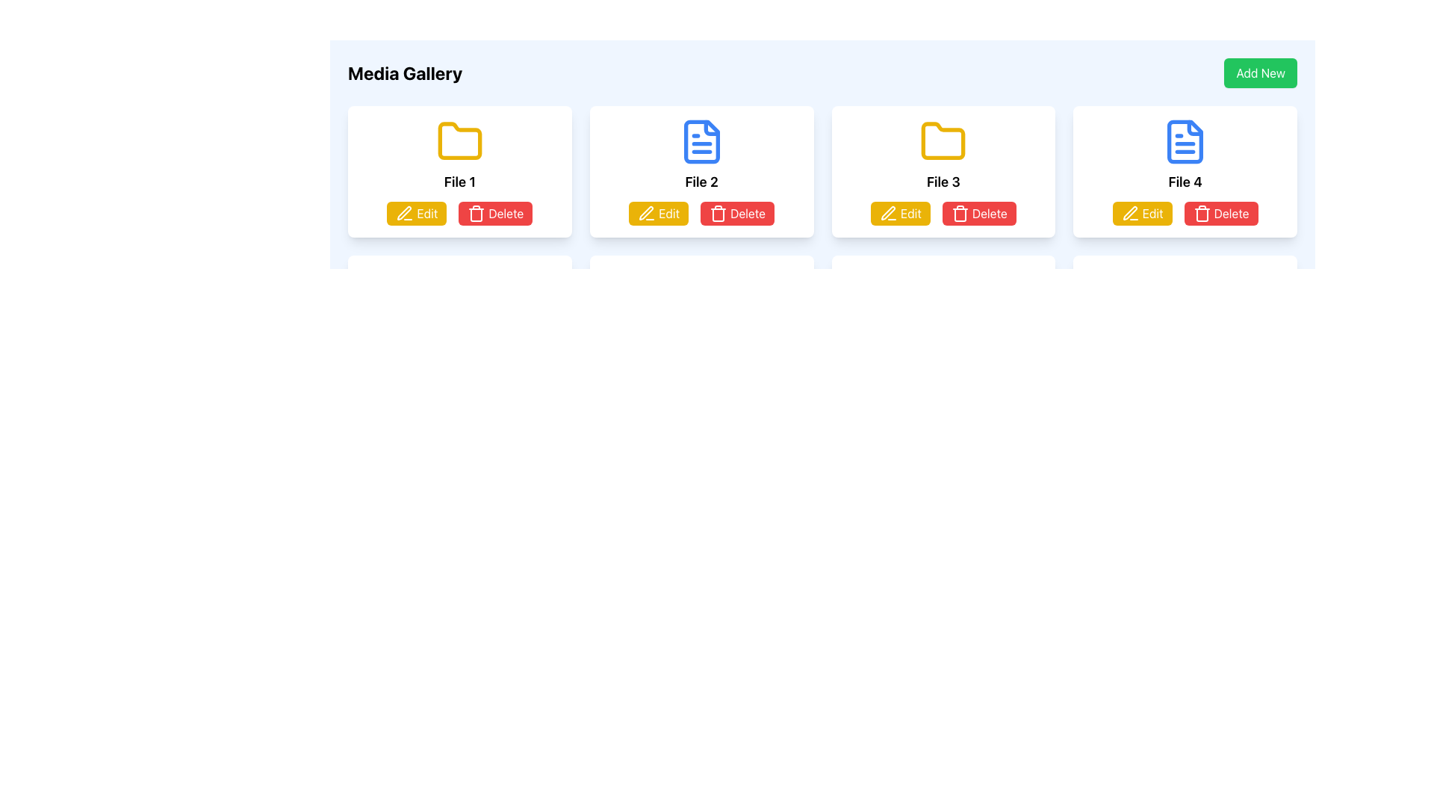 This screenshot has width=1434, height=807. Describe the element at coordinates (1185, 141) in the screenshot. I see `the file icon representing File 4 located in the fourth card of the media gallery section` at that location.